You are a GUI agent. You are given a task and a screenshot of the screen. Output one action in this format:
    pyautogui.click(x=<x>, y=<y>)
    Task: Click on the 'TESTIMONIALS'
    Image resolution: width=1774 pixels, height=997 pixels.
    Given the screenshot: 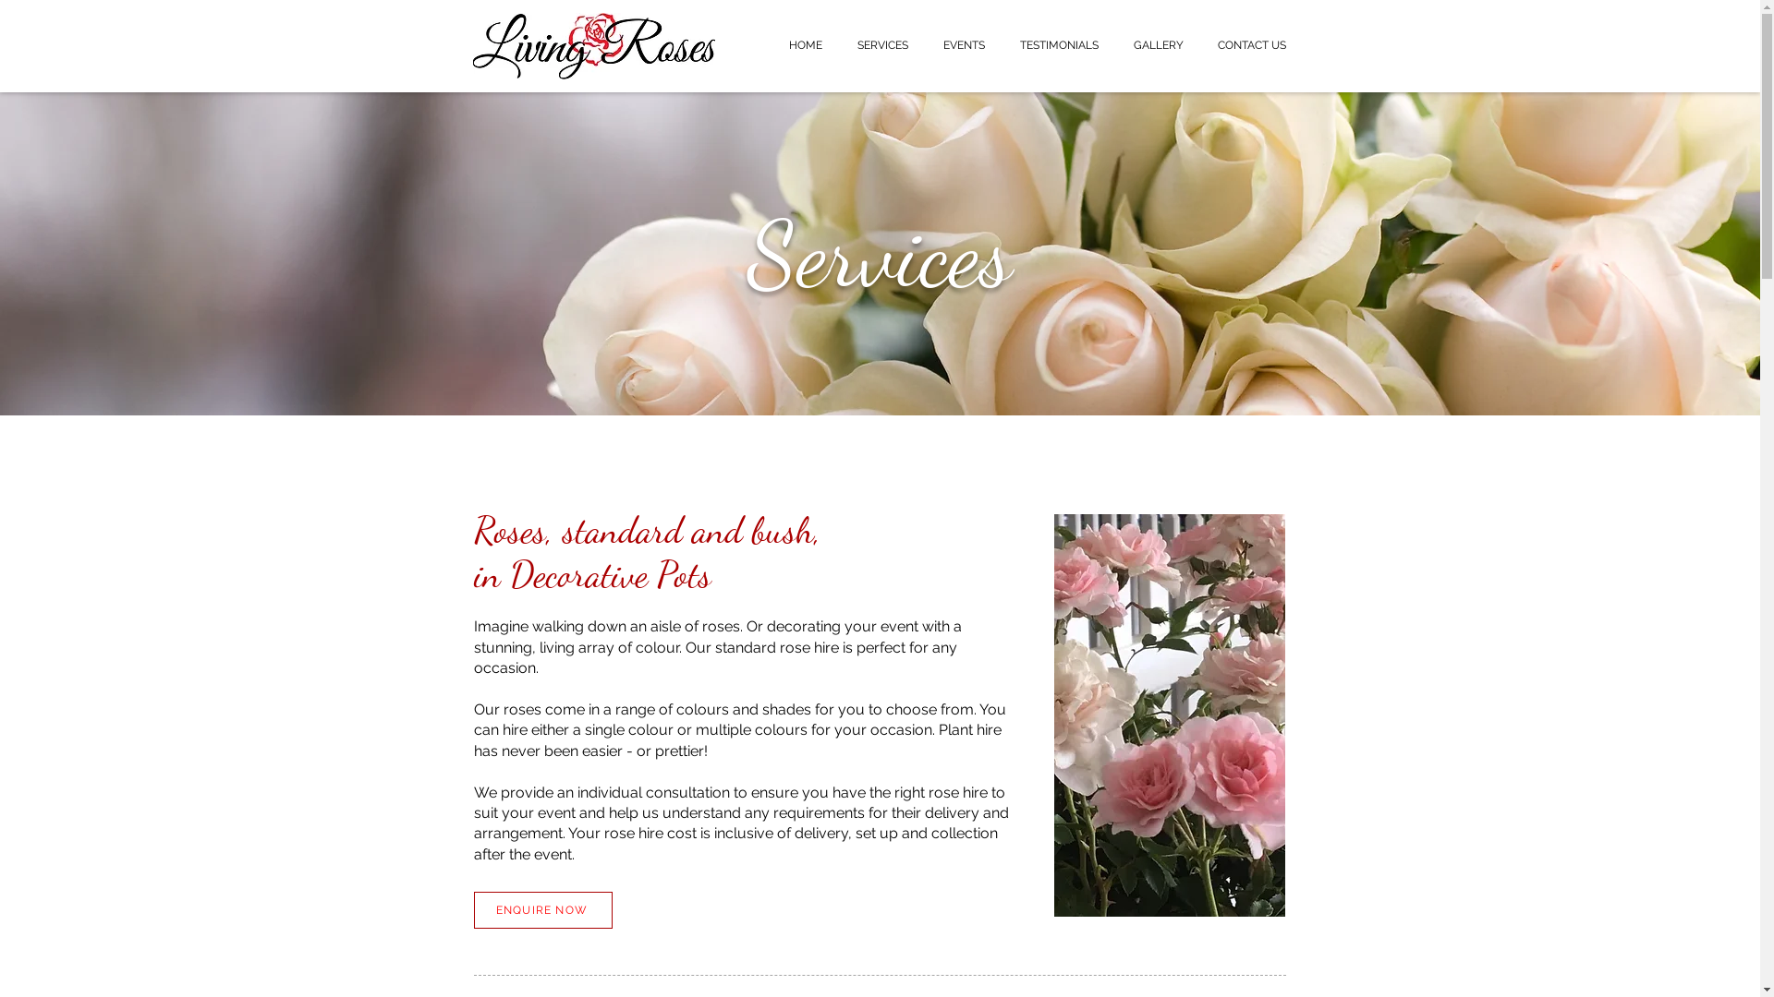 What is the action you would take?
    pyautogui.click(x=1001, y=44)
    